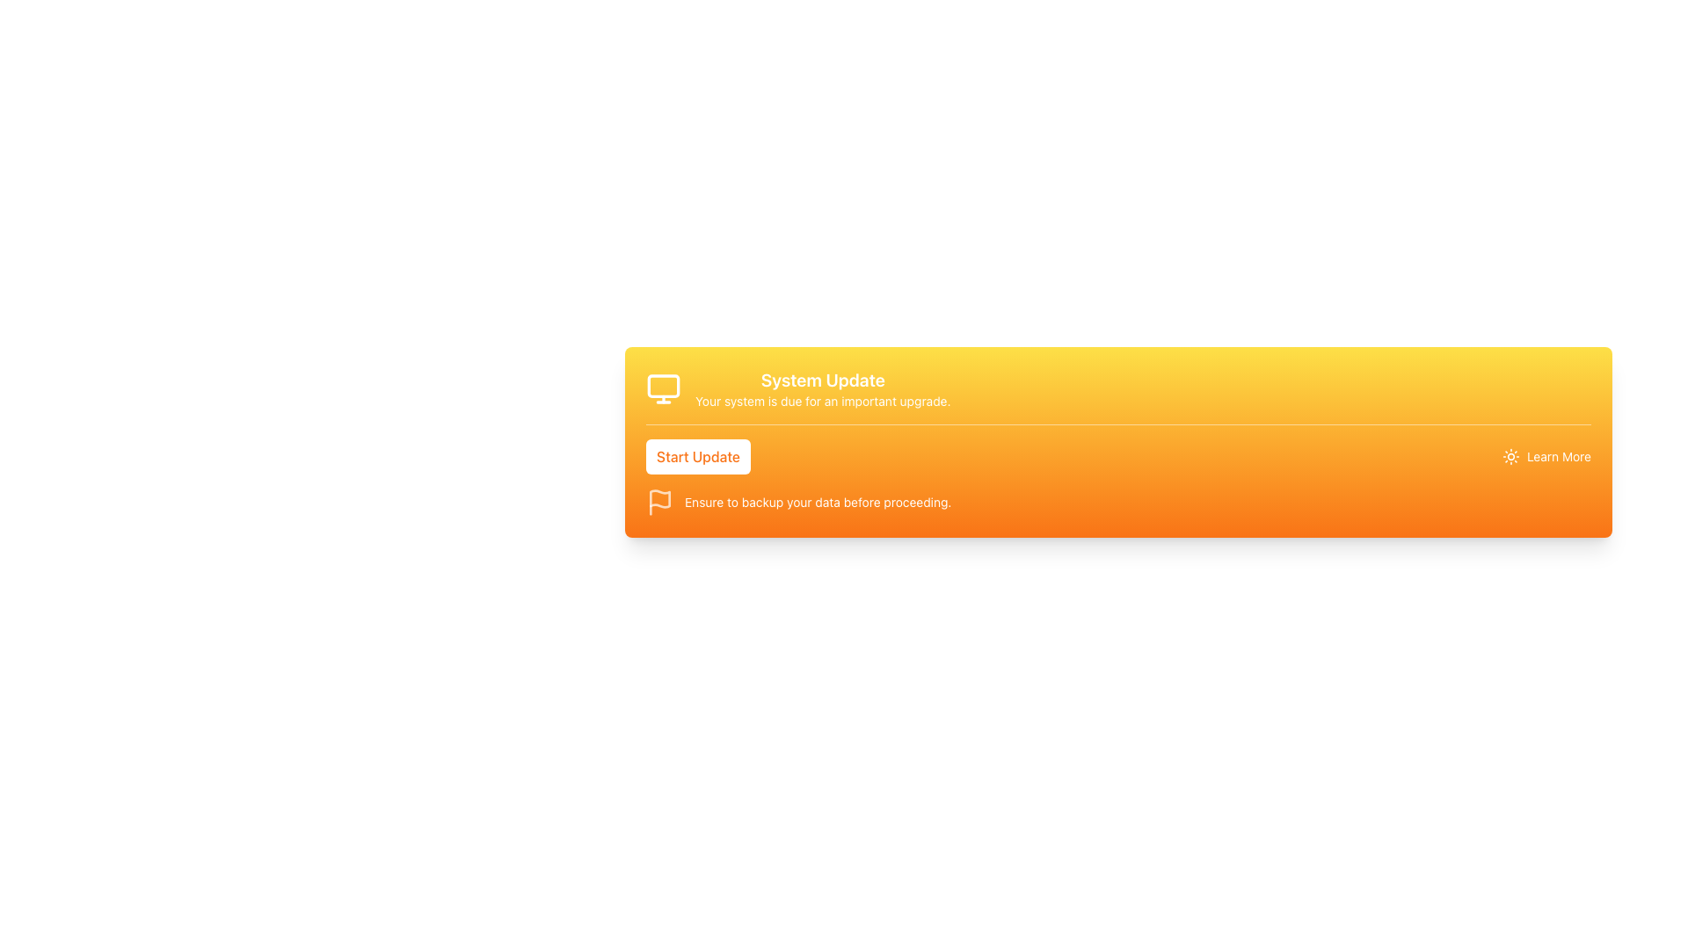  What do you see at coordinates (662, 388) in the screenshot?
I see `the monitor-like icon with a yellow background and white outlines located in the top-left corner of the 'System Update' panel` at bounding box center [662, 388].